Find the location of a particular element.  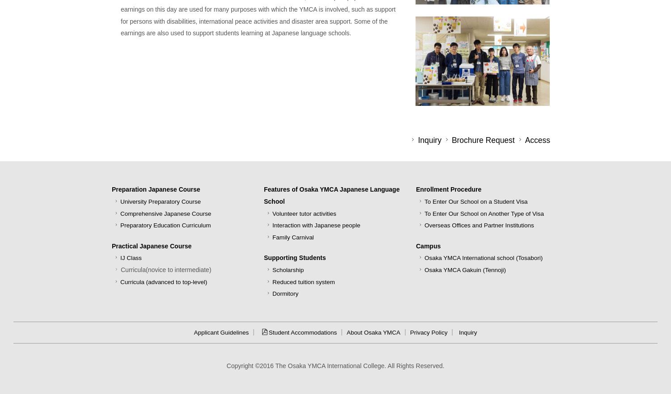

'Curricula (advanced to top-level)' is located at coordinates (163, 281).